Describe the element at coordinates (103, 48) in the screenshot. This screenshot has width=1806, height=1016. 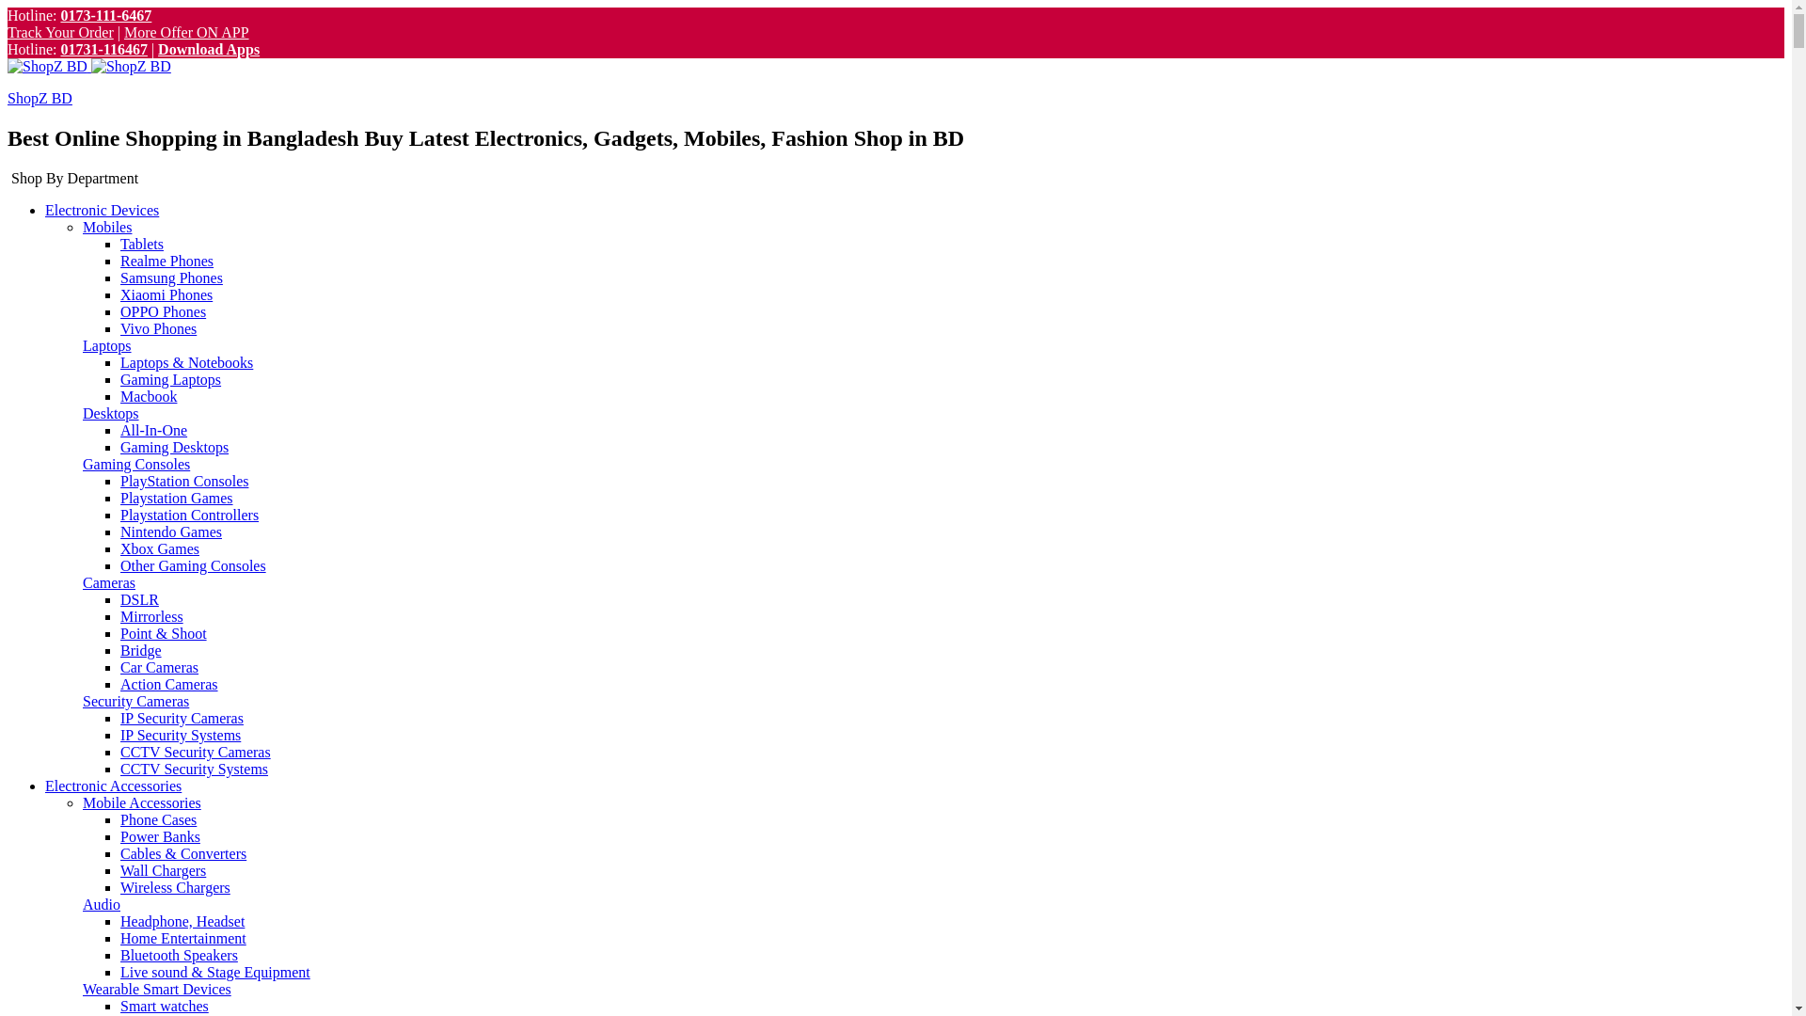
I see `'01731-116467'` at that location.